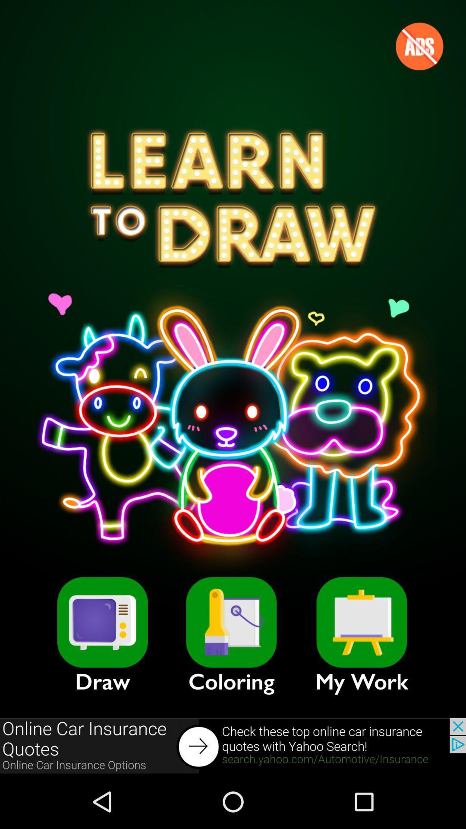 The height and width of the screenshot is (829, 466). What do you see at coordinates (419, 46) in the screenshot?
I see `no advertisements` at bounding box center [419, 46].